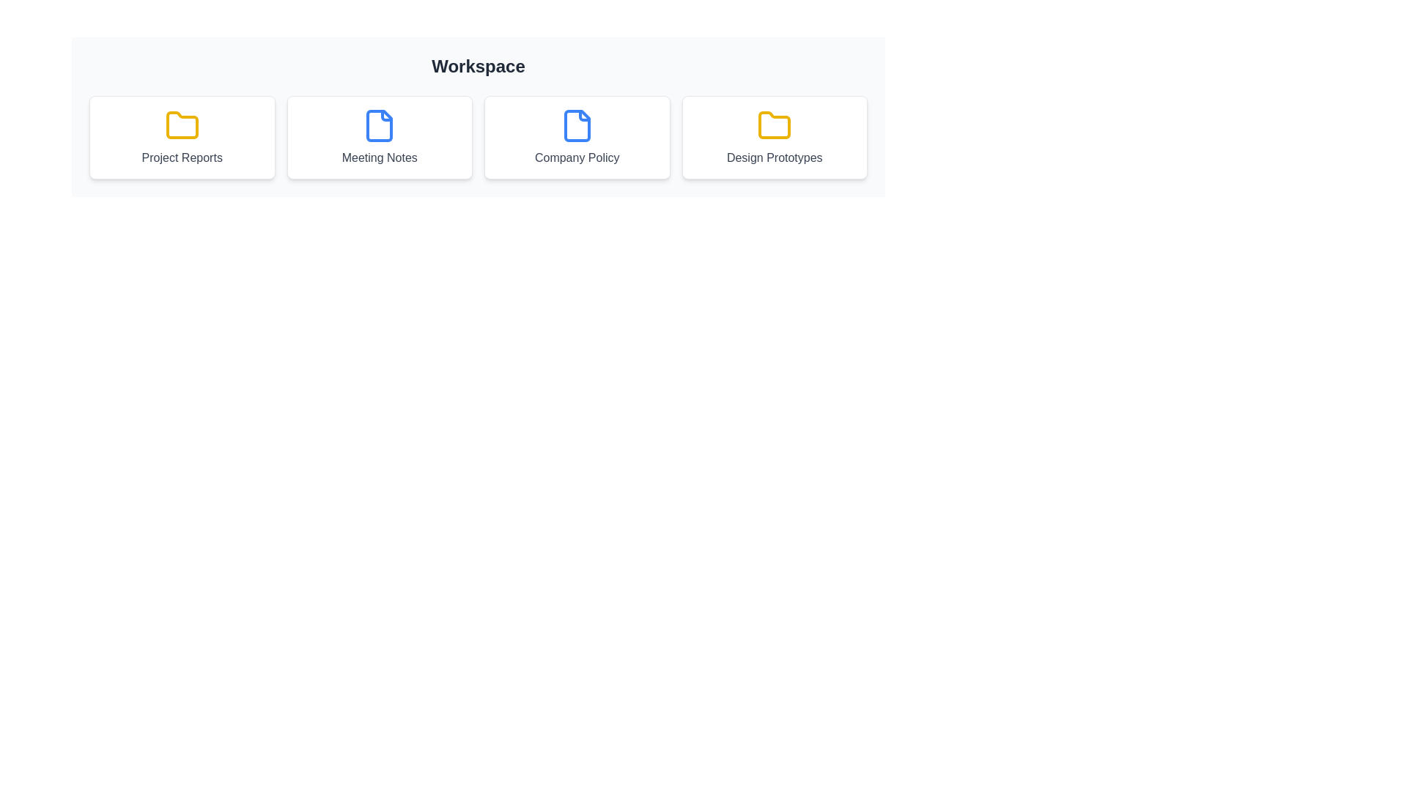 The width and height of the screenshot is (1407, 791). Describe the element at coordinates (181, 138) in the screenshot. I see `the 'Project Reports' card located at the top-left of the grid` at that location.